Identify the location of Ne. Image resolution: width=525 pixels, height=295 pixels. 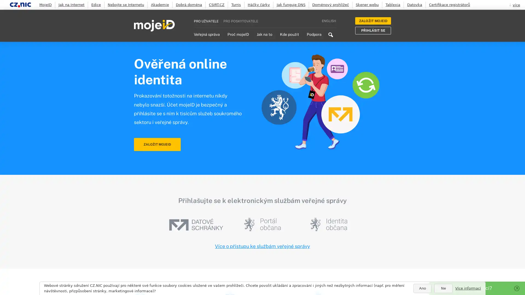
(443, 288).